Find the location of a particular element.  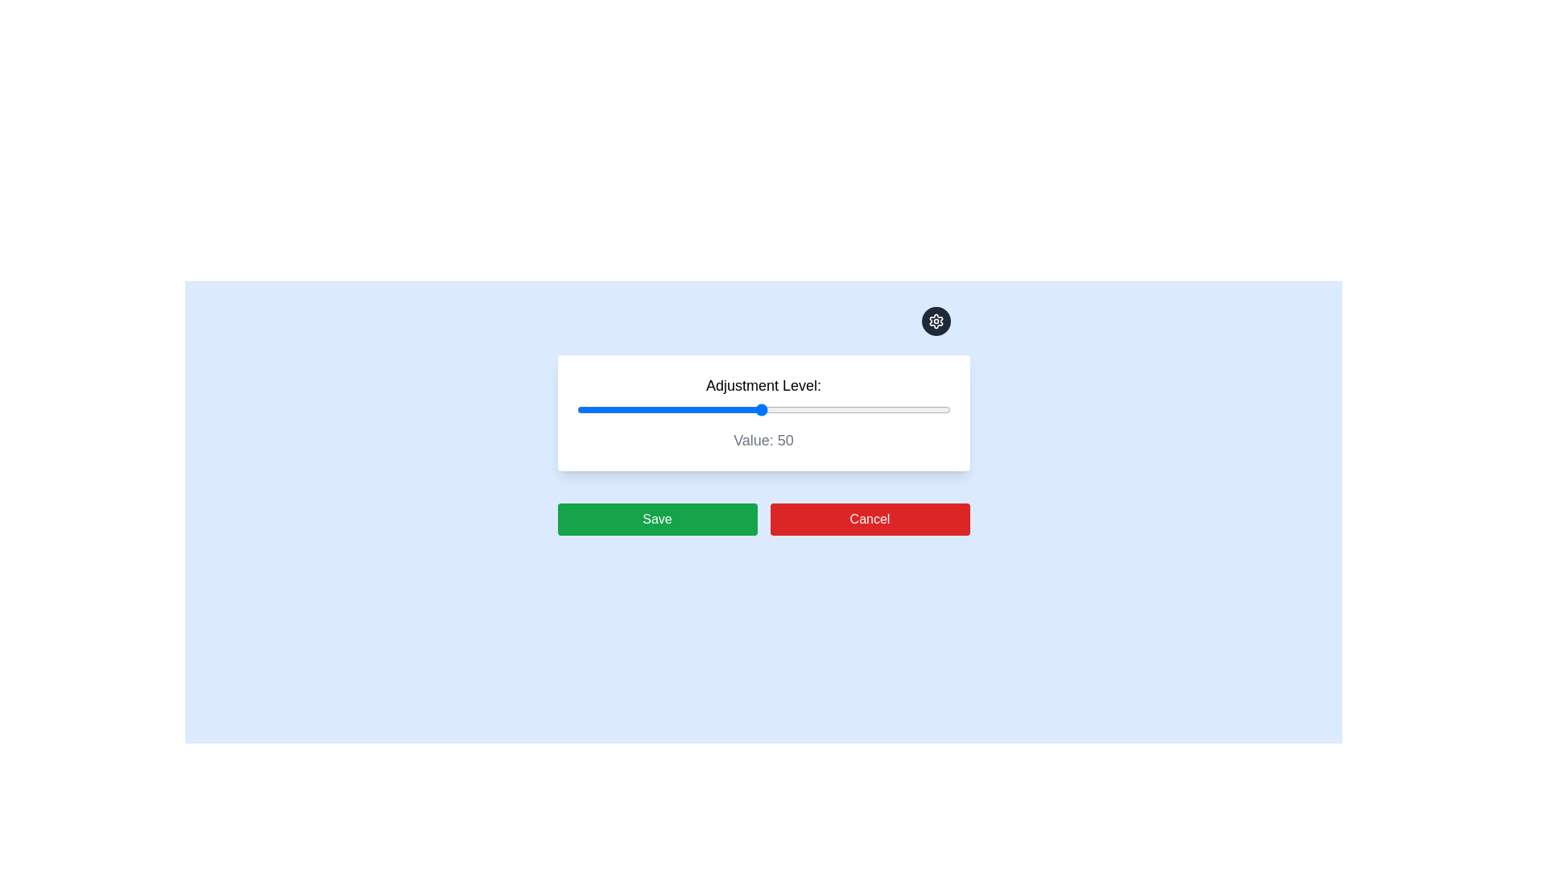

the adjustment level is located at coordinates (750, 409).